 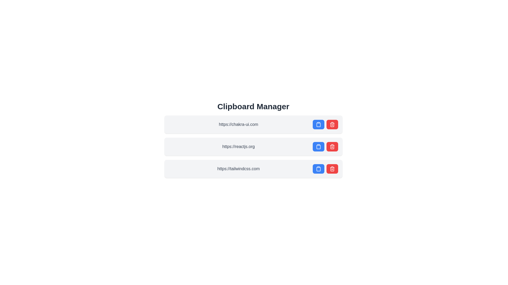 I want to click on the deletion button located in the third row, second from the right, which is aligned with a blue button and associated with the URL 'https://tailwindcss.com', so click(x=332, y=169).